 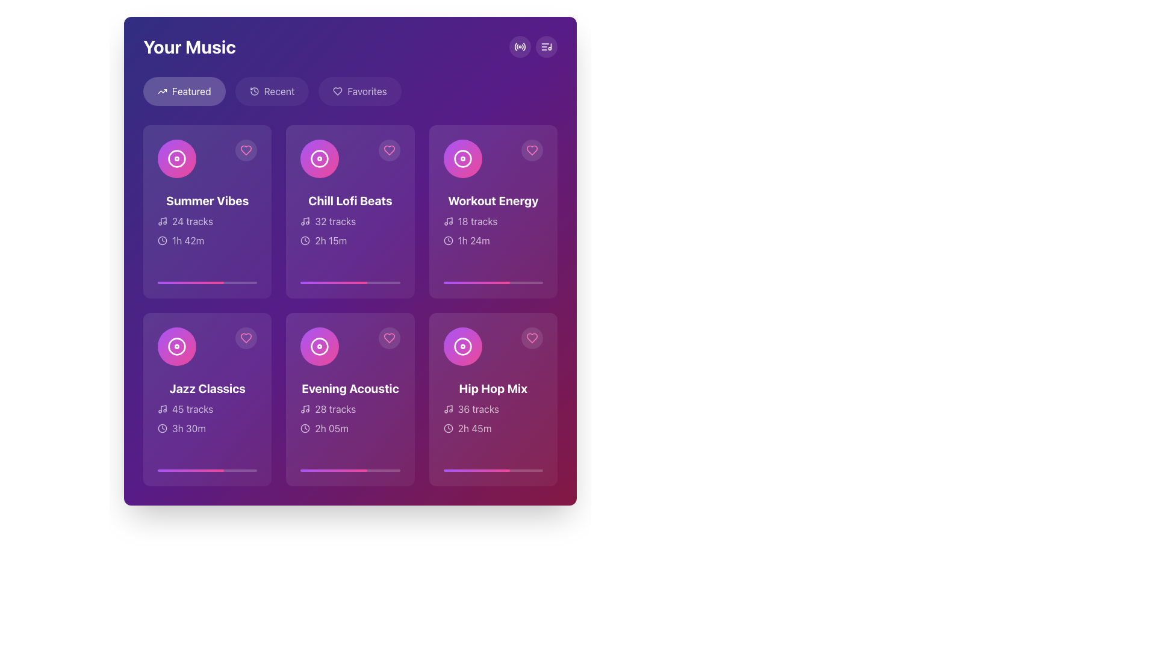 What do you see at coordinates (161, 428) in the screenshot?
I see `the Circle (SVG) element that represents a clock-like icon in the bottom left corner of the 'Jazz Classics' item` at bounding box center [161, 428].